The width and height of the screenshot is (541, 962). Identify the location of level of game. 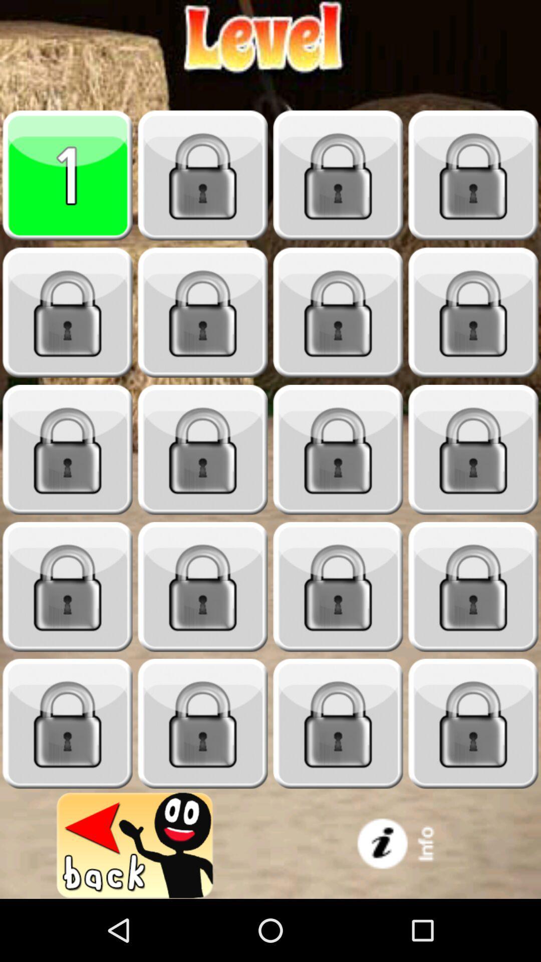
(68, 175).